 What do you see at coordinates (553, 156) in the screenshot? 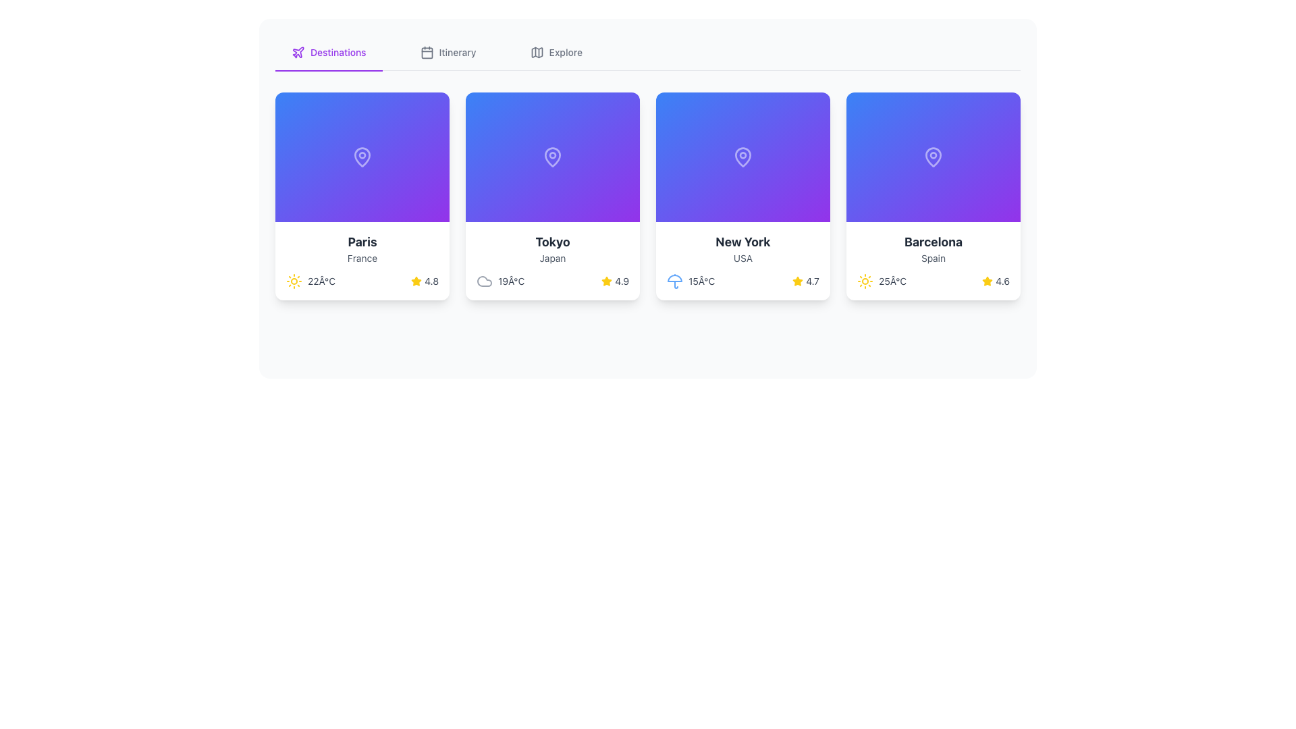
I see `the map pin icon located in the top section of the 'Tokyo, Japan' card under the 'Destinations' tab` at bounding box center [553, 156].